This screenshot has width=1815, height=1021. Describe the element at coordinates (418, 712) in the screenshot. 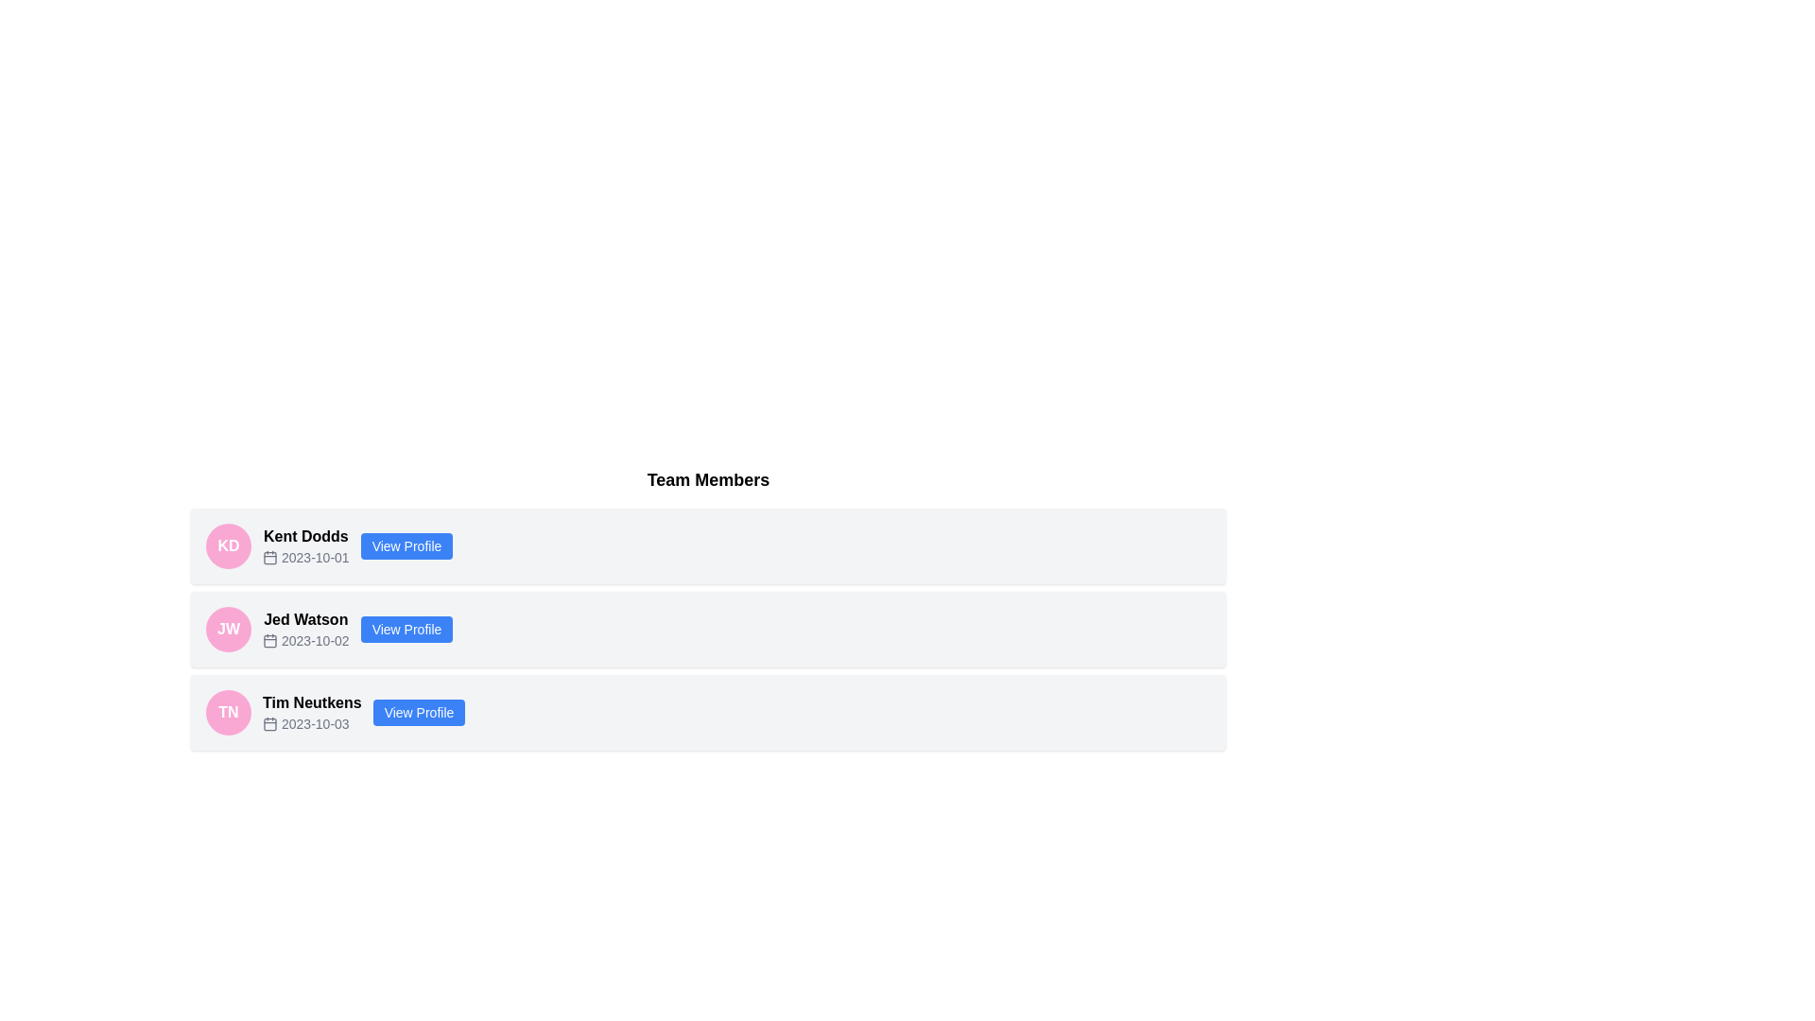

I see `the button that allows users` at that location.